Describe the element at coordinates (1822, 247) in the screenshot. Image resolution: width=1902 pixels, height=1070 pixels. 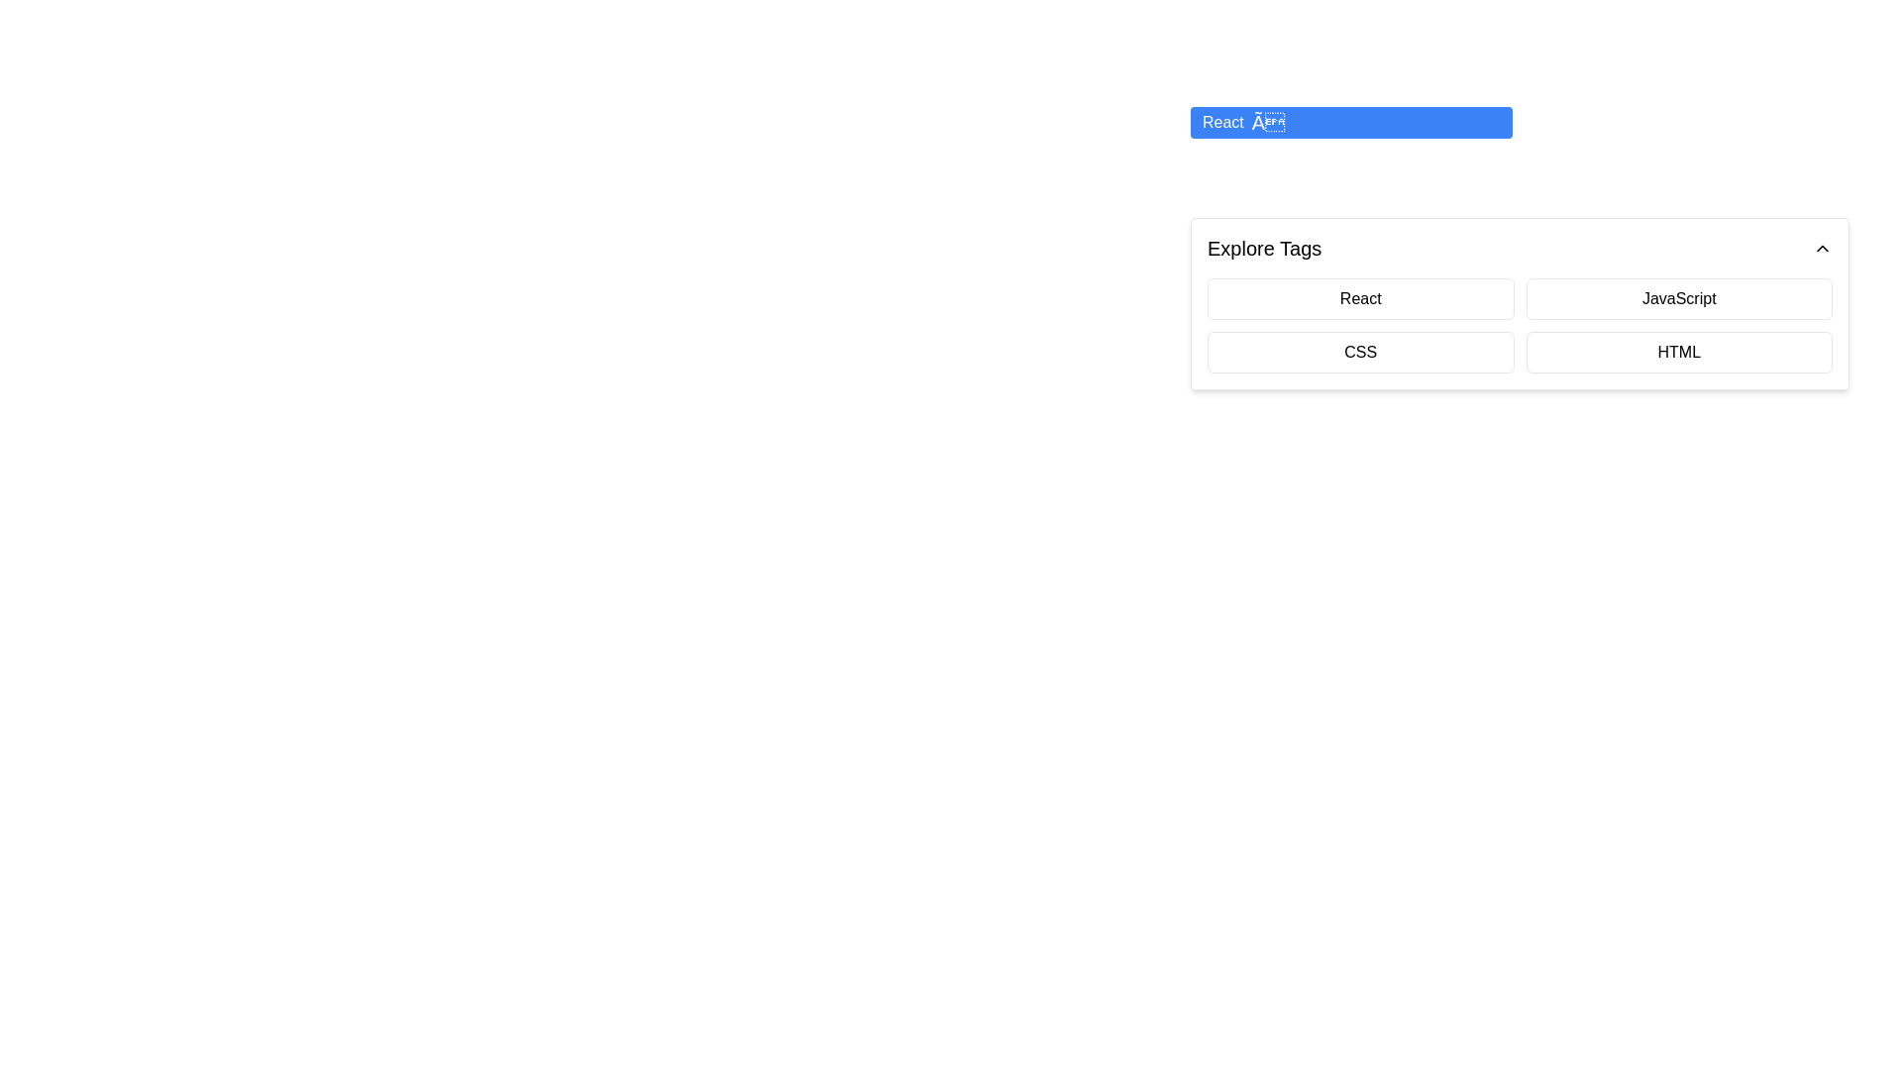
I see `the button on the far-right side of the header bar of the 'Explore Tags' section` at that location.